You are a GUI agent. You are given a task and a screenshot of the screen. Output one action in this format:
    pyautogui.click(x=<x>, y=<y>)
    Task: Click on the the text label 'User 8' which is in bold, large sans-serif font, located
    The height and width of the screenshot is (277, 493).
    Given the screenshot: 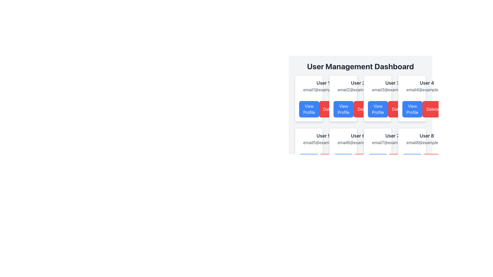 What is the action you would take?
    pyautogui.click(x=426, y=135)
    